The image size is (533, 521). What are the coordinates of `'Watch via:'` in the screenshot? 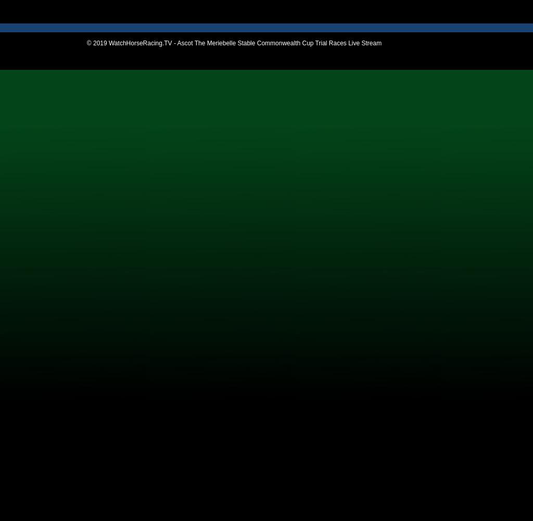 It's located at (42, 7).